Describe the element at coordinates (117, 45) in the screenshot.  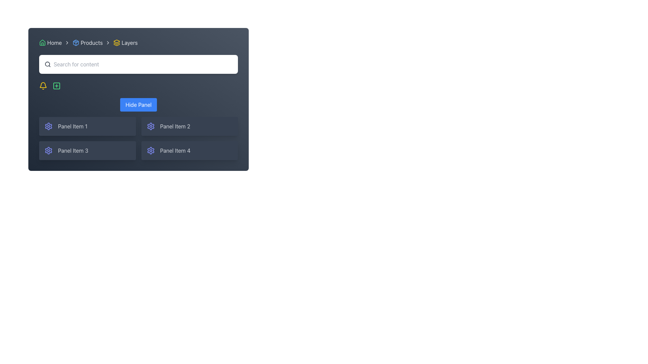
I see `the decorative graphic element that visually represents a layer in a stack, located at the bottom of a stack of three icons within a layered icon group` at that location.